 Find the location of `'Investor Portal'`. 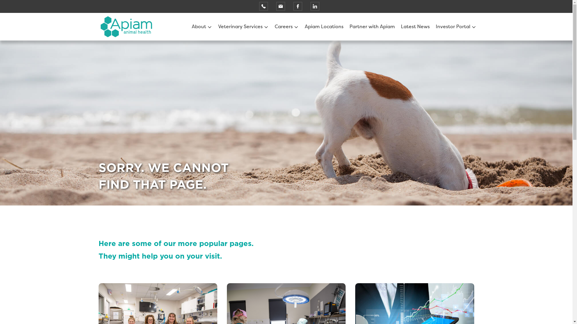

'Investor Portal' is located at coordinates (453, 26).